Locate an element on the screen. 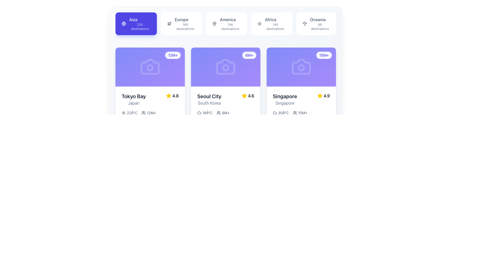 The image size is (497, 279). the displayed information on the informational label with icons for the 'Tokyo Bay' location, which shows climate data and user count, positioned beneath the 'Tokyo Bay' title and aligned with the rating star element is located at coordinates (150, 112).